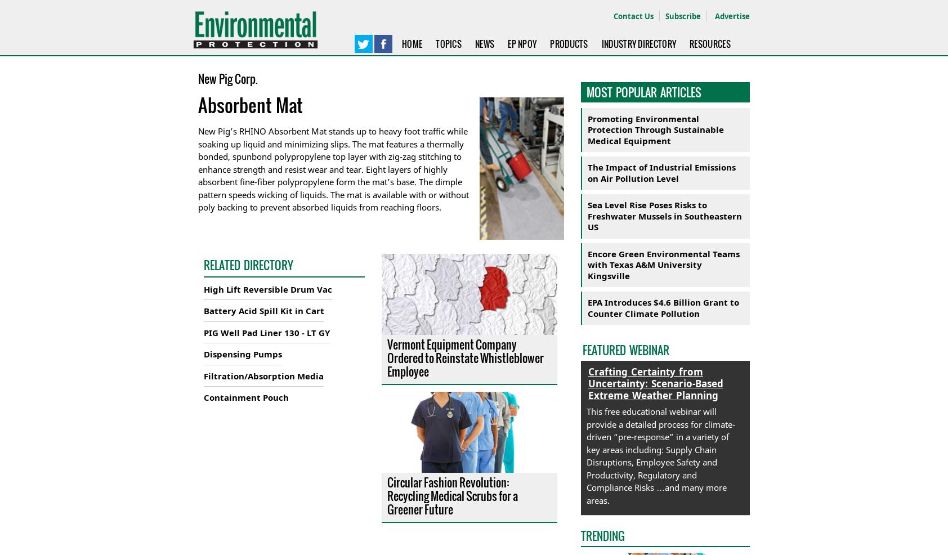 This screenshot has width=948, height=555. Describe the element at coordinates (643, 91) in the screenshot. I see `'Most Popular Articles'` at that location.